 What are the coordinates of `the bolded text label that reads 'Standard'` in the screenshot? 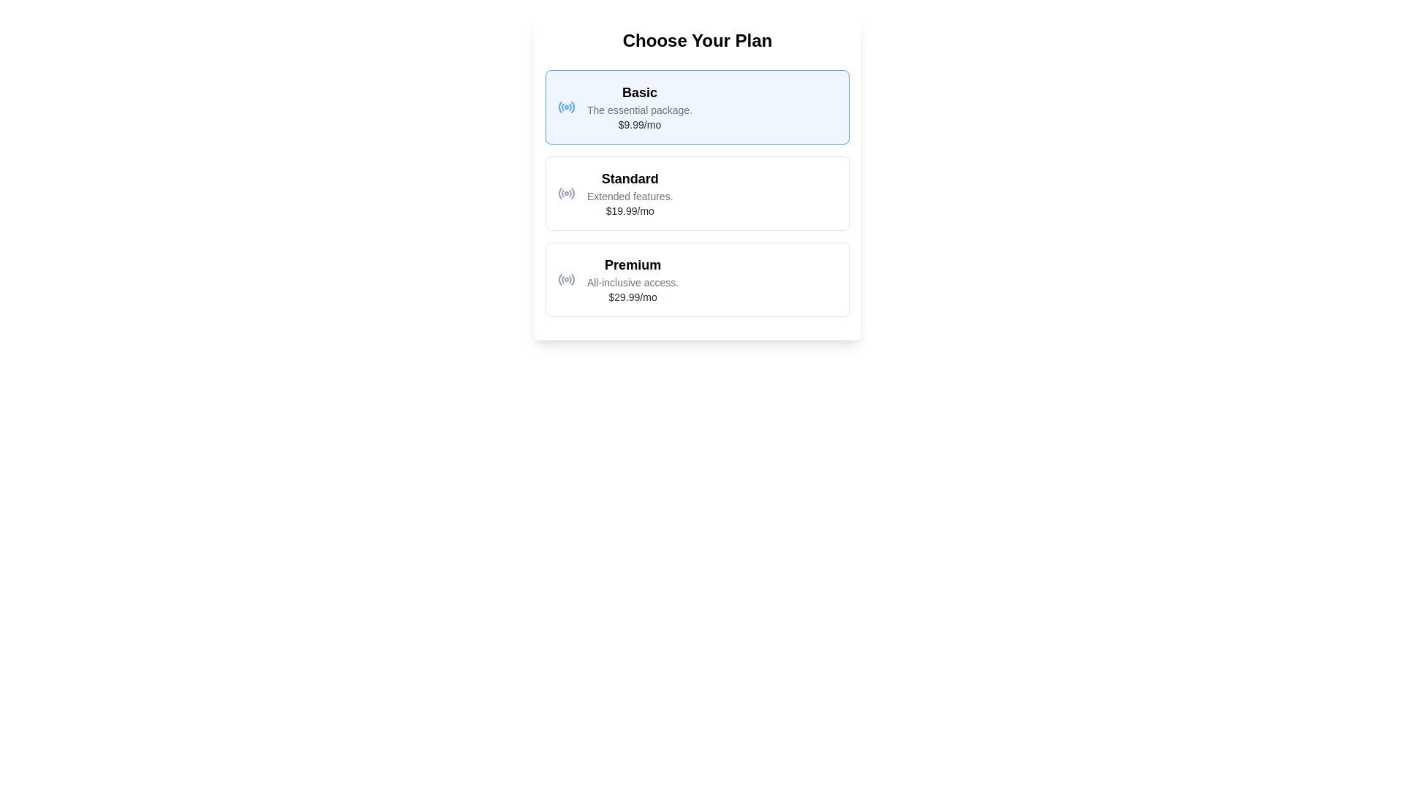 It's located at (630, 178).